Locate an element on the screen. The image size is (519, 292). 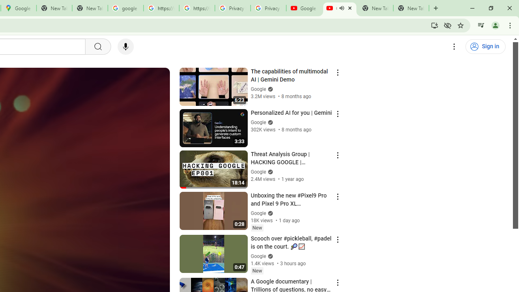
'Mute tab' is located at coordinates (341, 8).